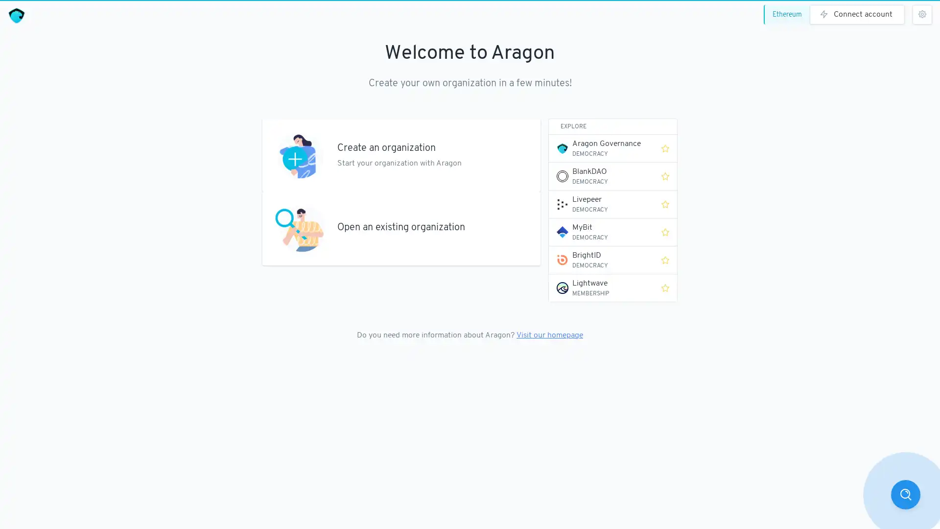 This screenshot has width=940, height=529. Describe the element at coordinates (16, 16) in the screenshot. I see `Back to home` at that location.